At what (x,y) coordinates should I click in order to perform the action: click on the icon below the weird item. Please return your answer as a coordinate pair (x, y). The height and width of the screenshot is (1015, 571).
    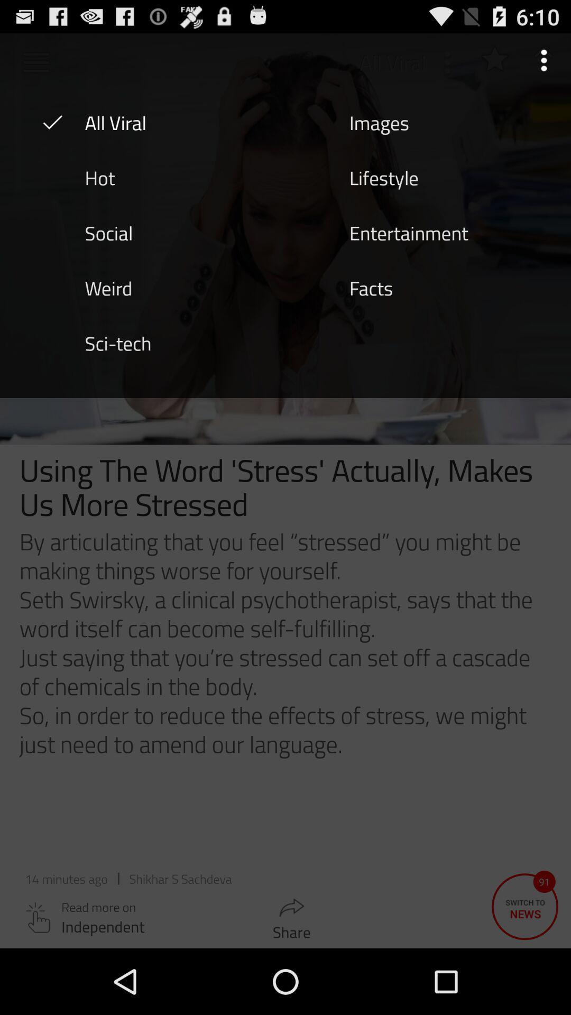
    Looking at the image, I should click on (118, 343).